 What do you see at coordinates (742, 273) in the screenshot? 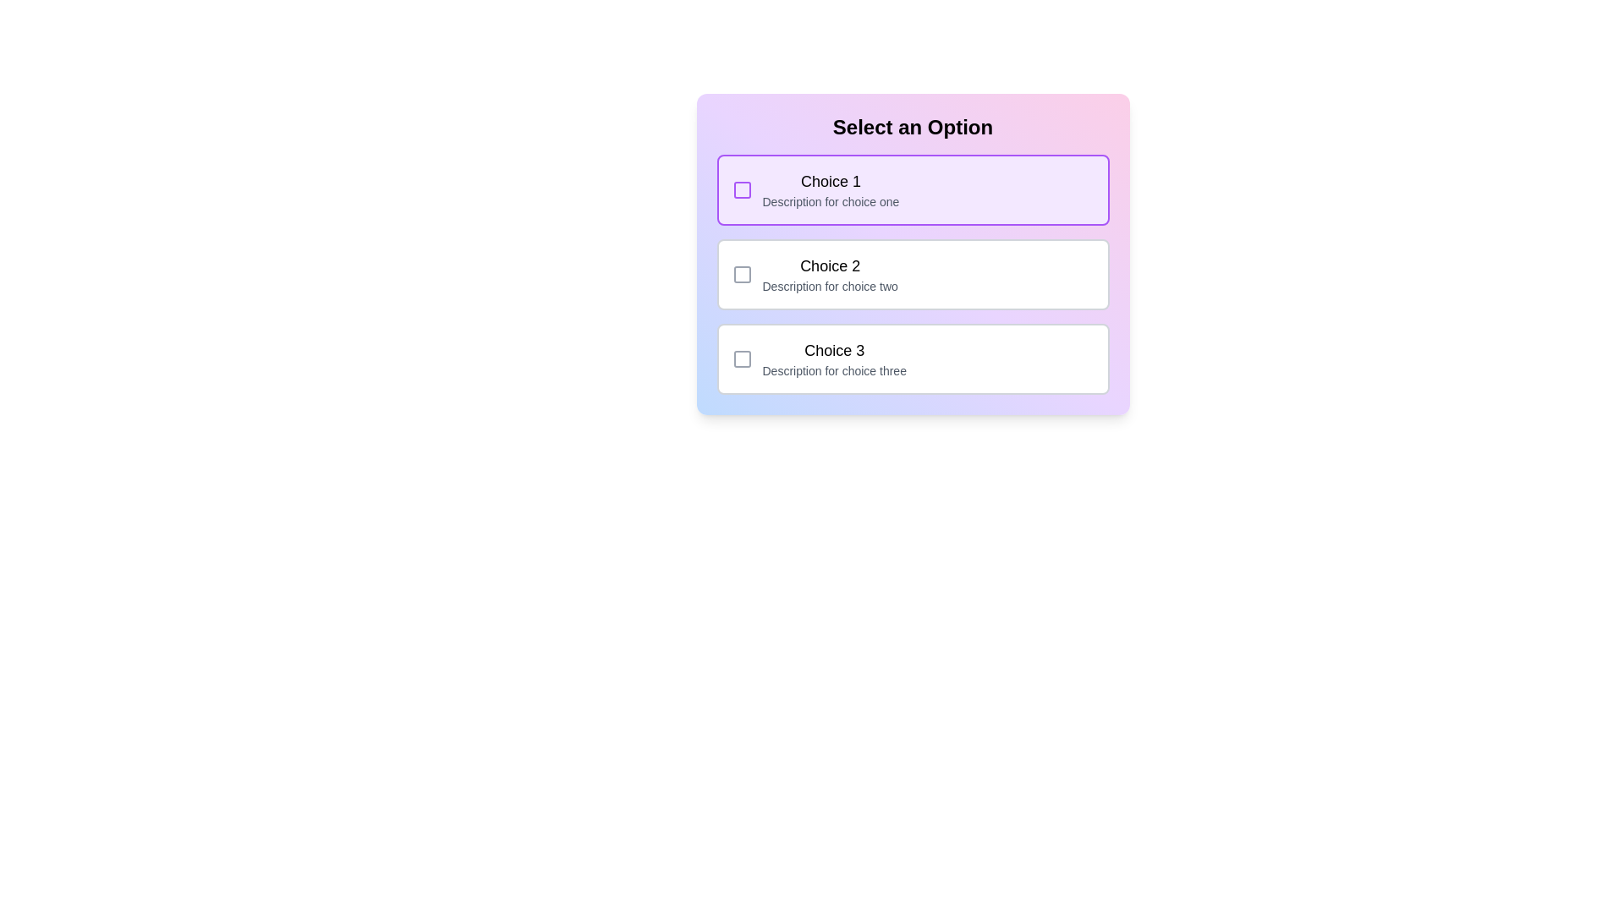
I see `the checkbox located to the left of 'Choice 2' in the second row of the three-row choice selection menu` at bounding box center [742, 273].